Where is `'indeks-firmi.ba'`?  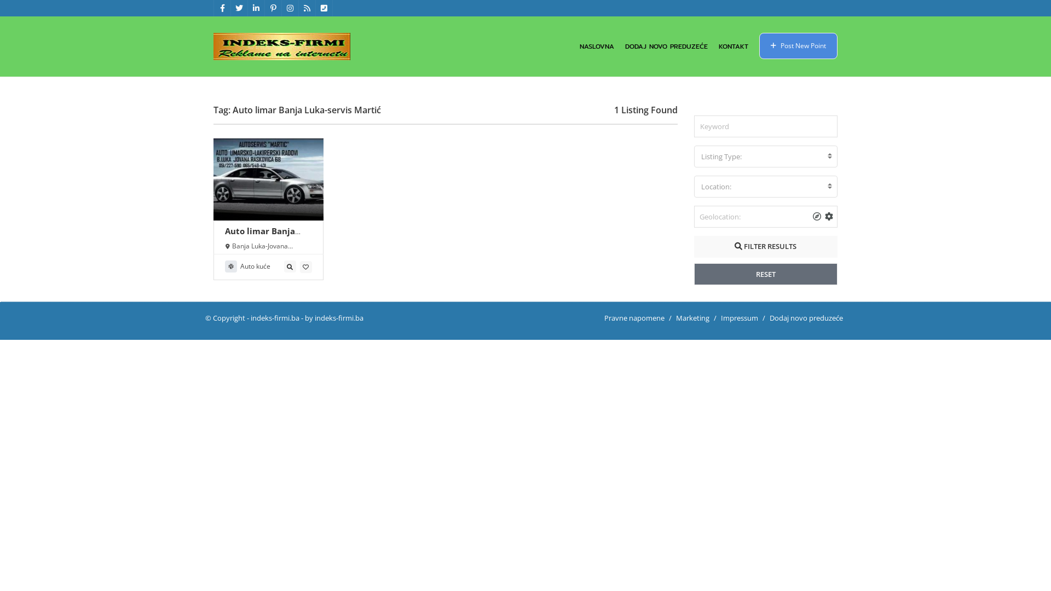 'indeks-firmi.ba' is located at coordinates (275, 318).